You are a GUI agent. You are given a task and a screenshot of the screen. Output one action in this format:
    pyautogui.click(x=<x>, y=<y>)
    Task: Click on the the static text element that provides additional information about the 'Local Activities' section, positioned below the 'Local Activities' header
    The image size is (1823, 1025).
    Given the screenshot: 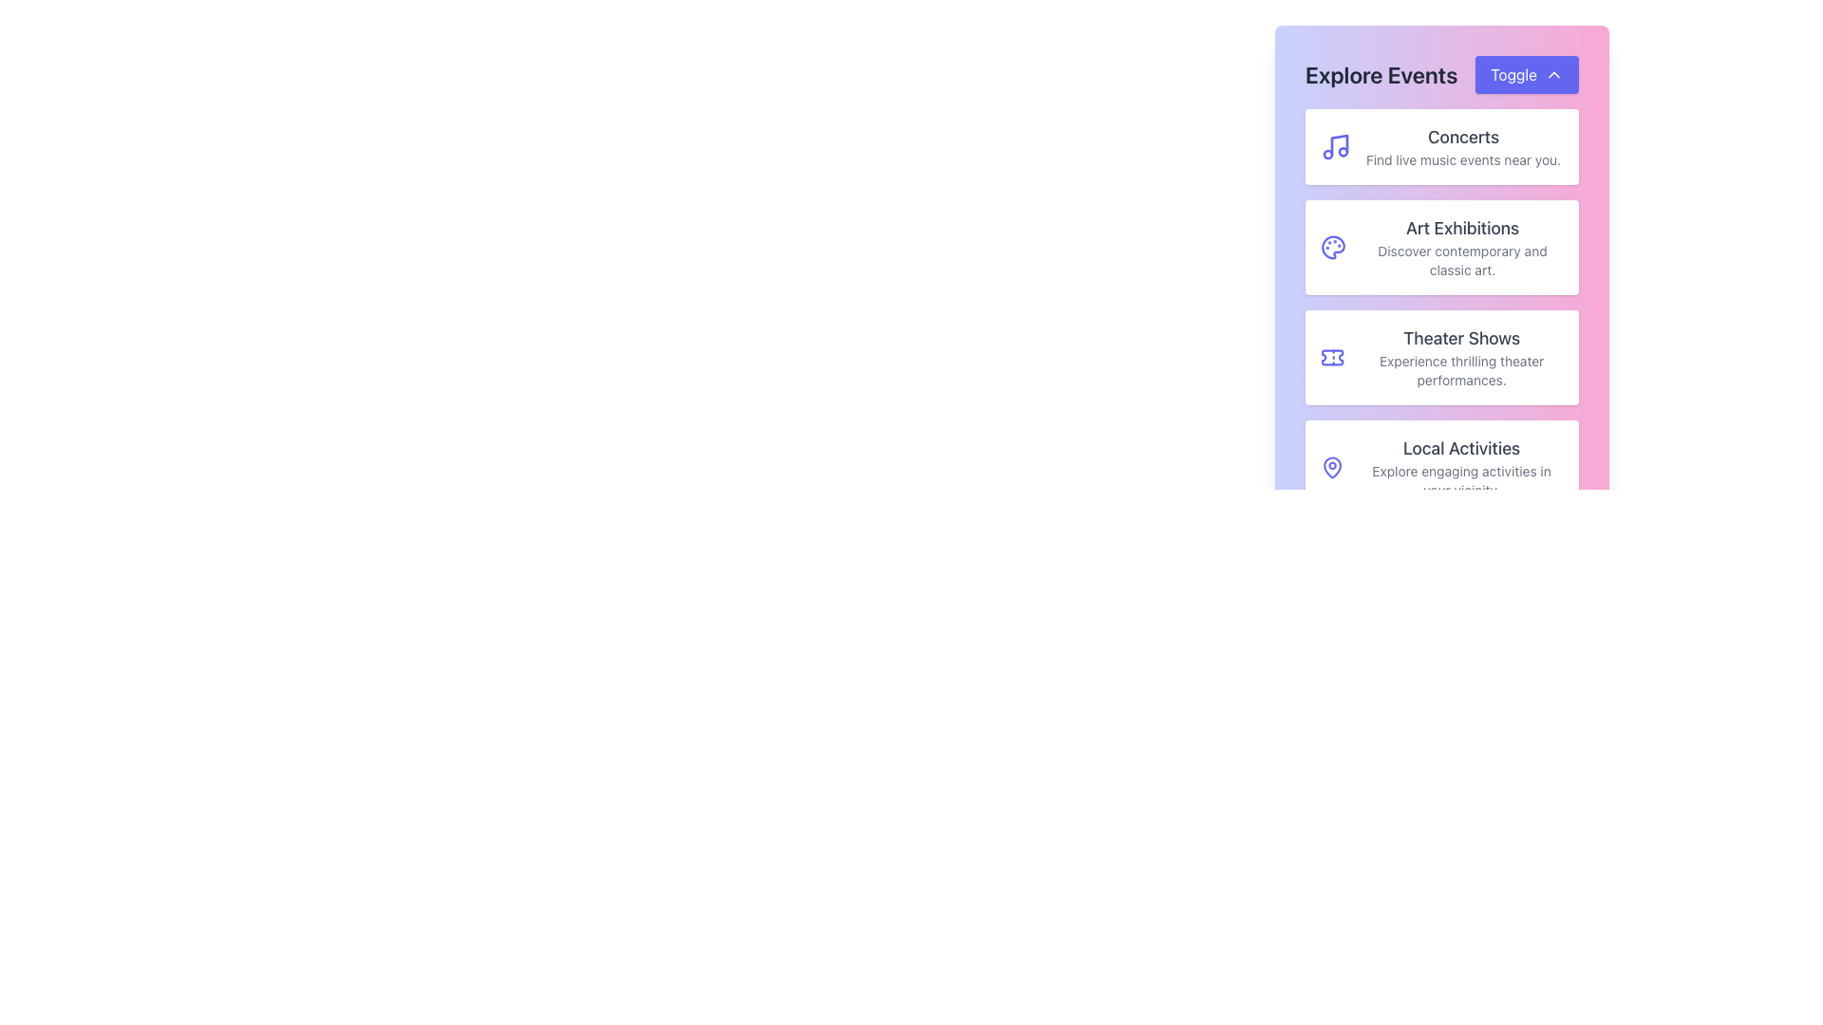 What is the action you would take?
    pyautogui.click(x=1460, y=479)
    